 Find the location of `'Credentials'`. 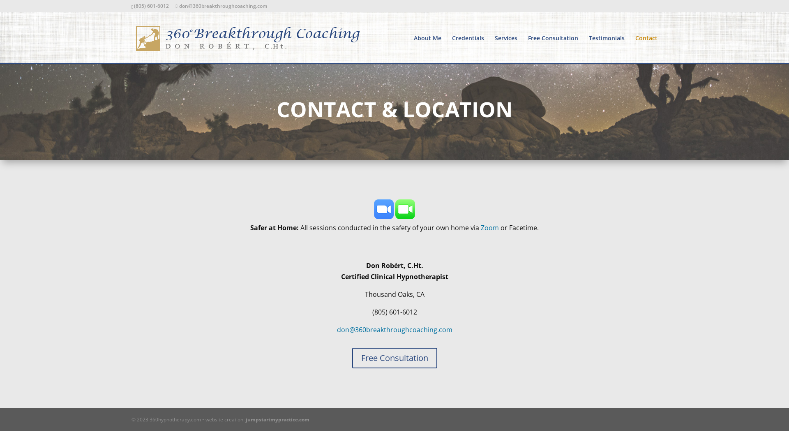

'Credentials' is located at coordinates (451, 49).